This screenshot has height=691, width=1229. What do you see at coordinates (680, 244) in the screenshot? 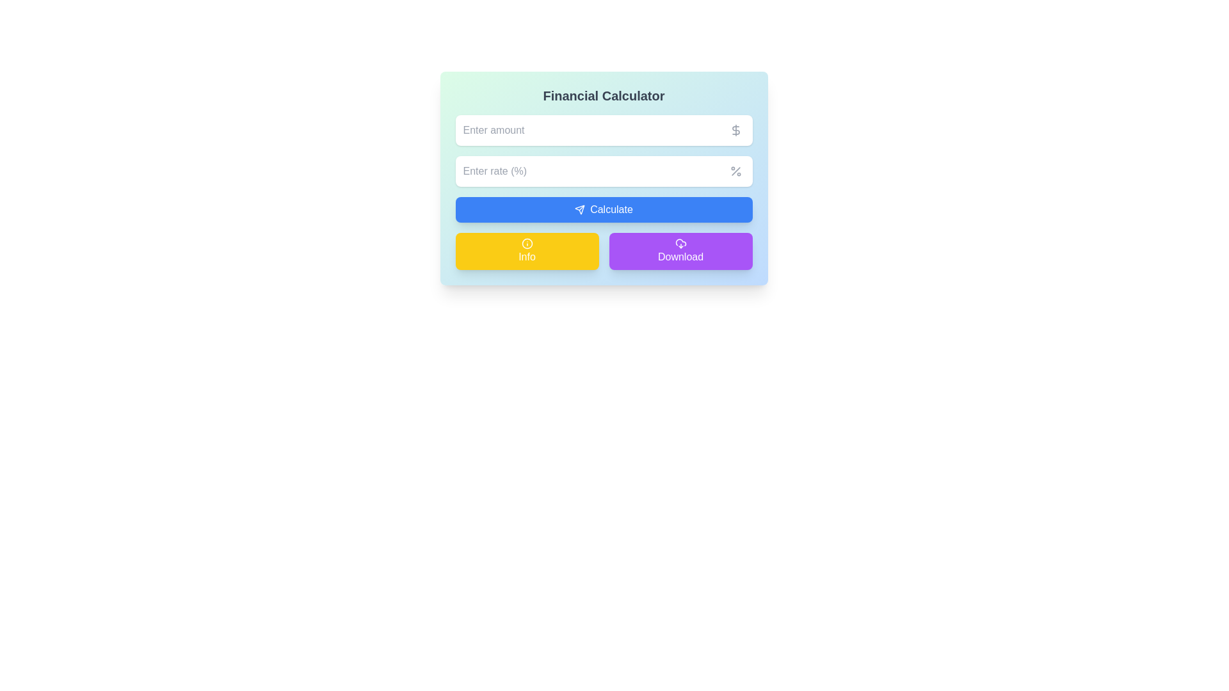
I see `the 'Download' button located at the bottom-right corner of the main panel, which contains the download icon` at bounding box center [680, 244].